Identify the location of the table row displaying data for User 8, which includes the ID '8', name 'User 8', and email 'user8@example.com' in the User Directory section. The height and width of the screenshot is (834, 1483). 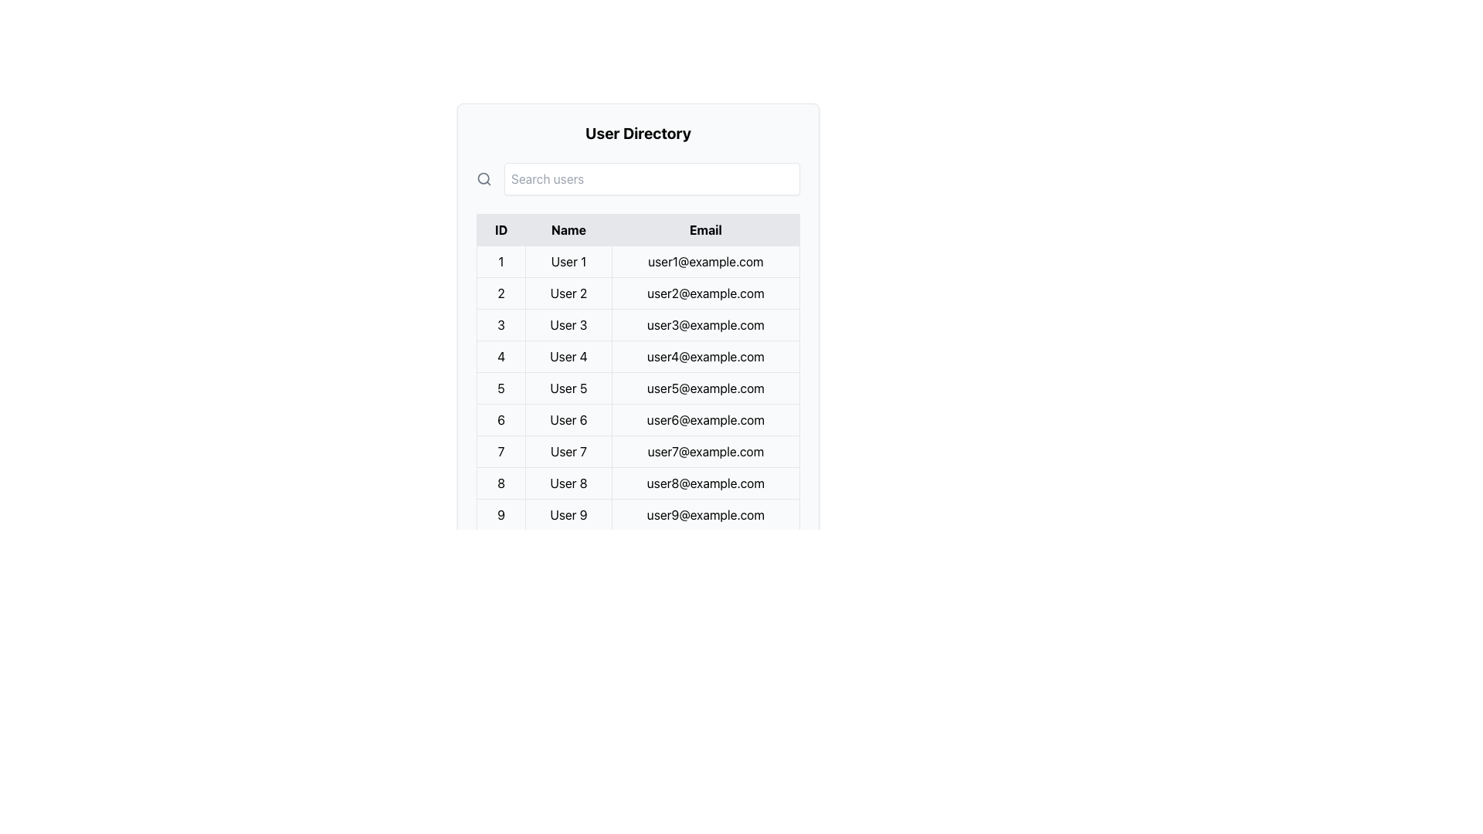
(638, 482).